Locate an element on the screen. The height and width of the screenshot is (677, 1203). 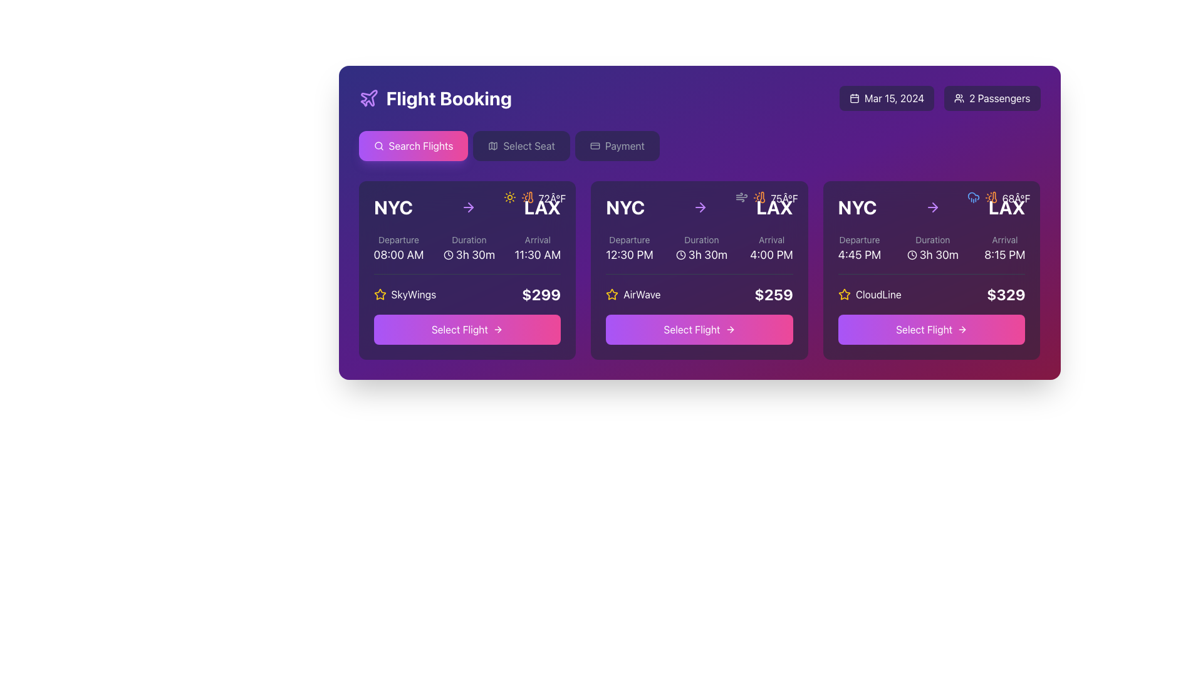
the button displaying the text 'Mar 15, 2024' is located at coordinates (886, 98).